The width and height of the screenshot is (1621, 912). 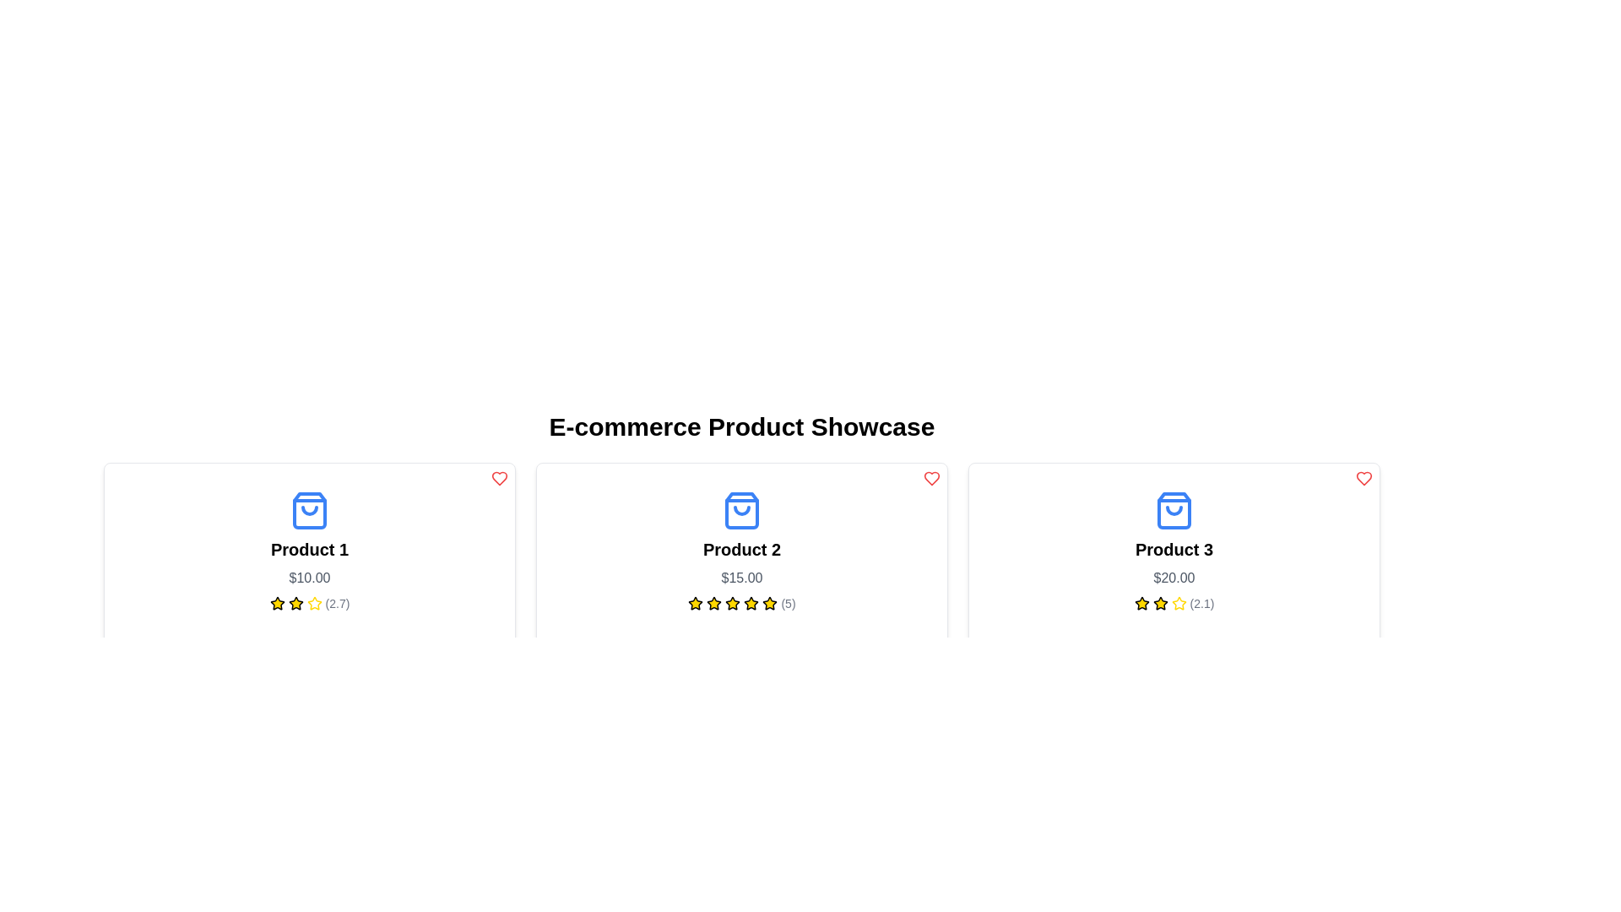 I want to click on the blue shopping bag icon located centrally at the top of the card for Product 2, positioned above the product name text, so click(x=741, y=510).